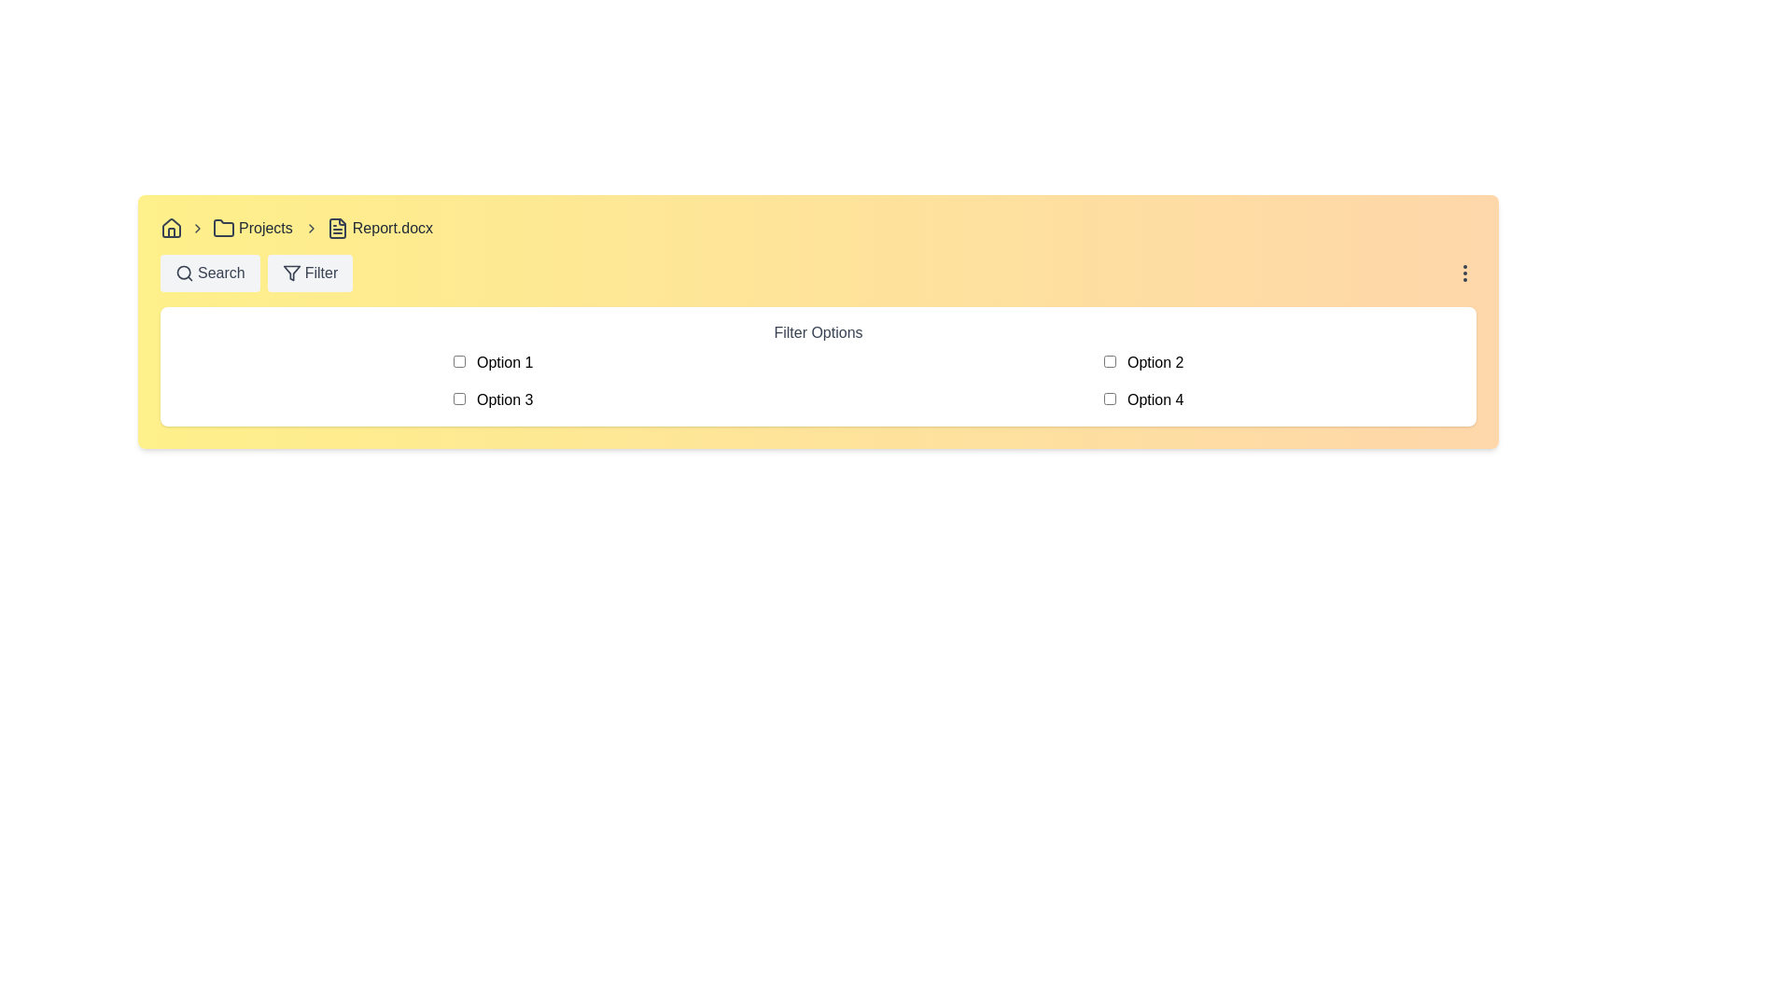 This screenshot has width=1792, height=1008. Describe the element at coordinates (224, 227) in the screenshot. I see `the yellowish folder icon with a rounded appearance located` at that location.